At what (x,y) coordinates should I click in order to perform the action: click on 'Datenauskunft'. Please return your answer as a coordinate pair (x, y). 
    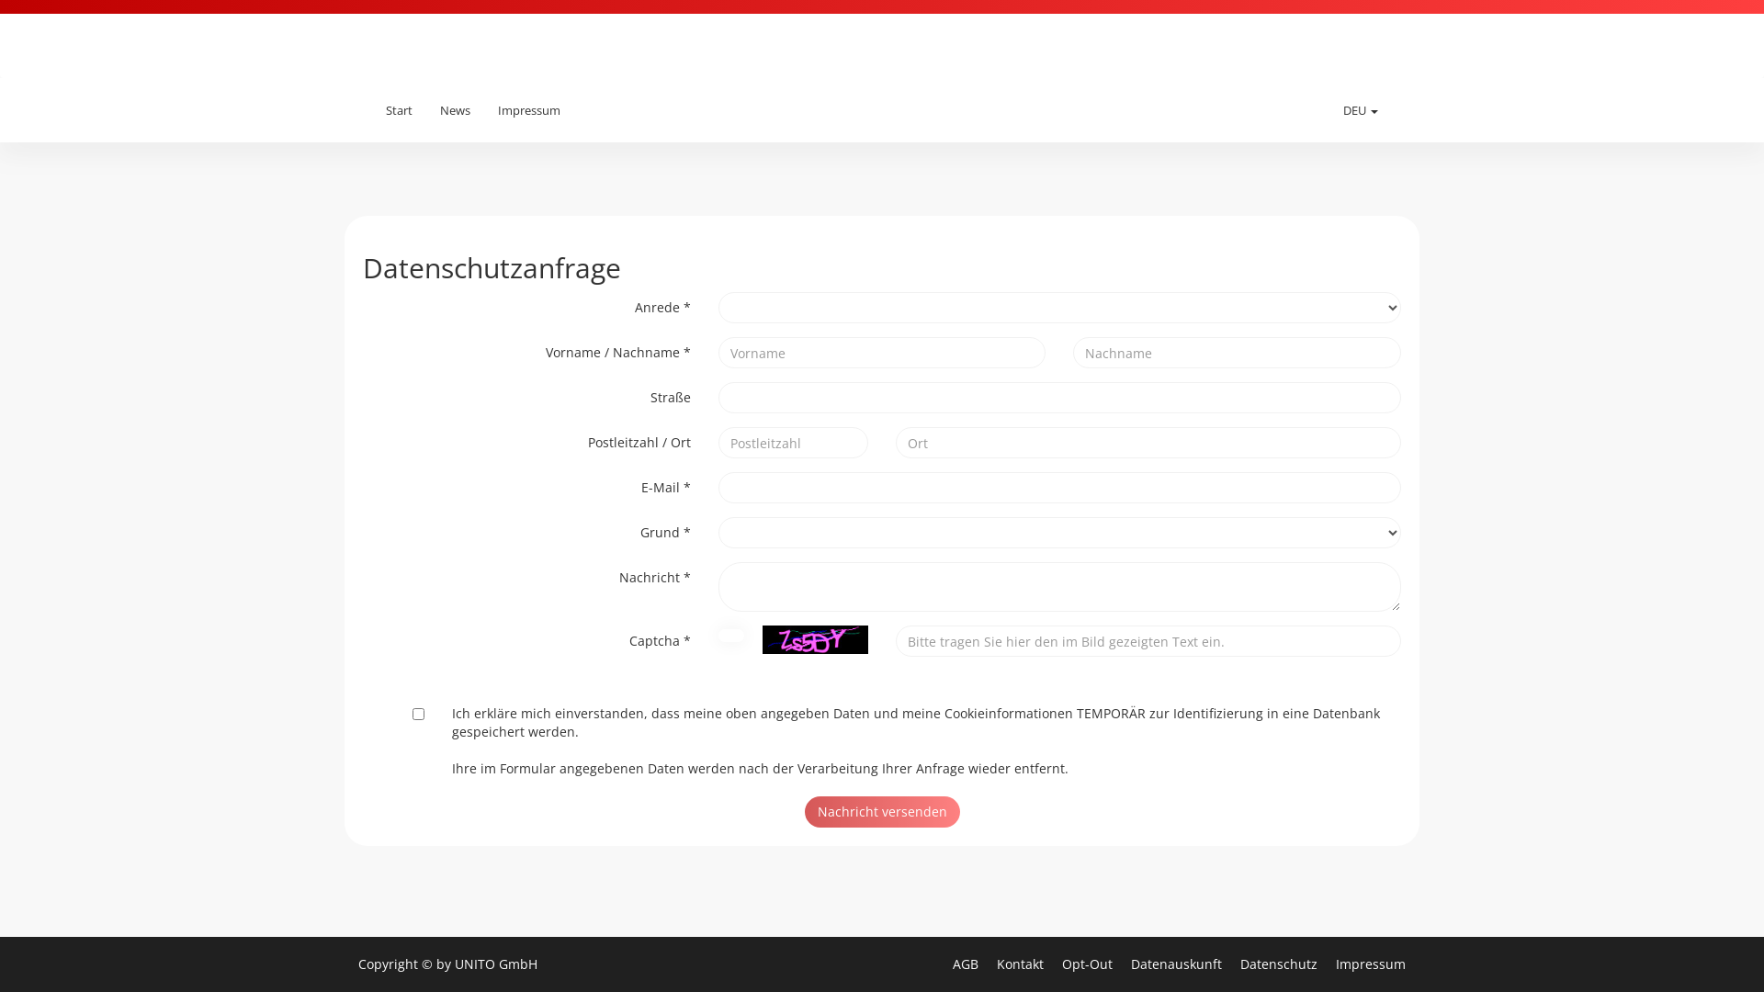
    Looking at the image, I should click on (1178, 963).